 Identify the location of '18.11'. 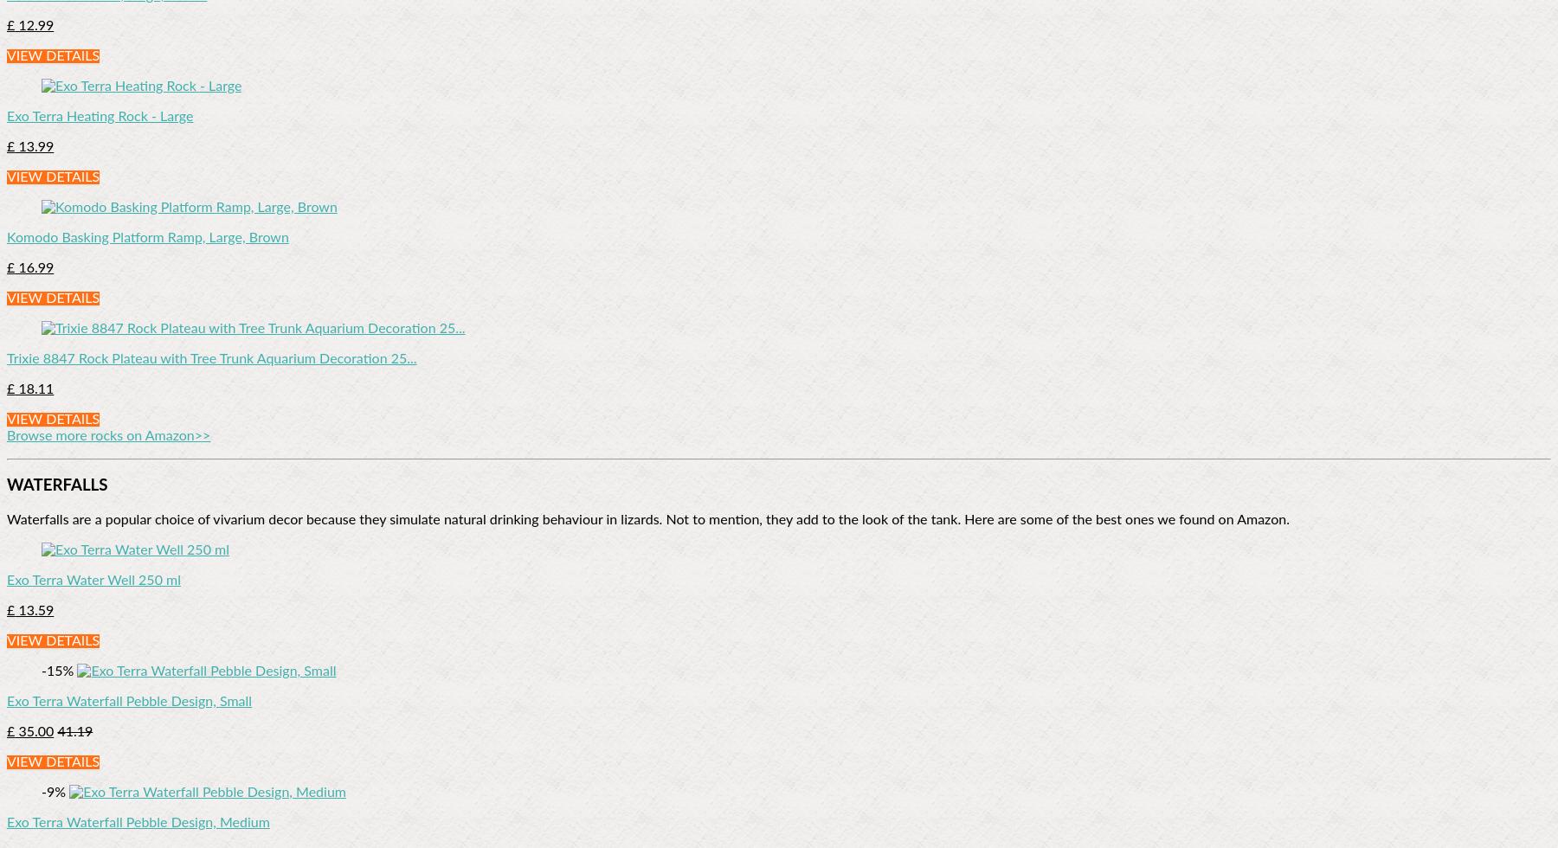
(33, 389).